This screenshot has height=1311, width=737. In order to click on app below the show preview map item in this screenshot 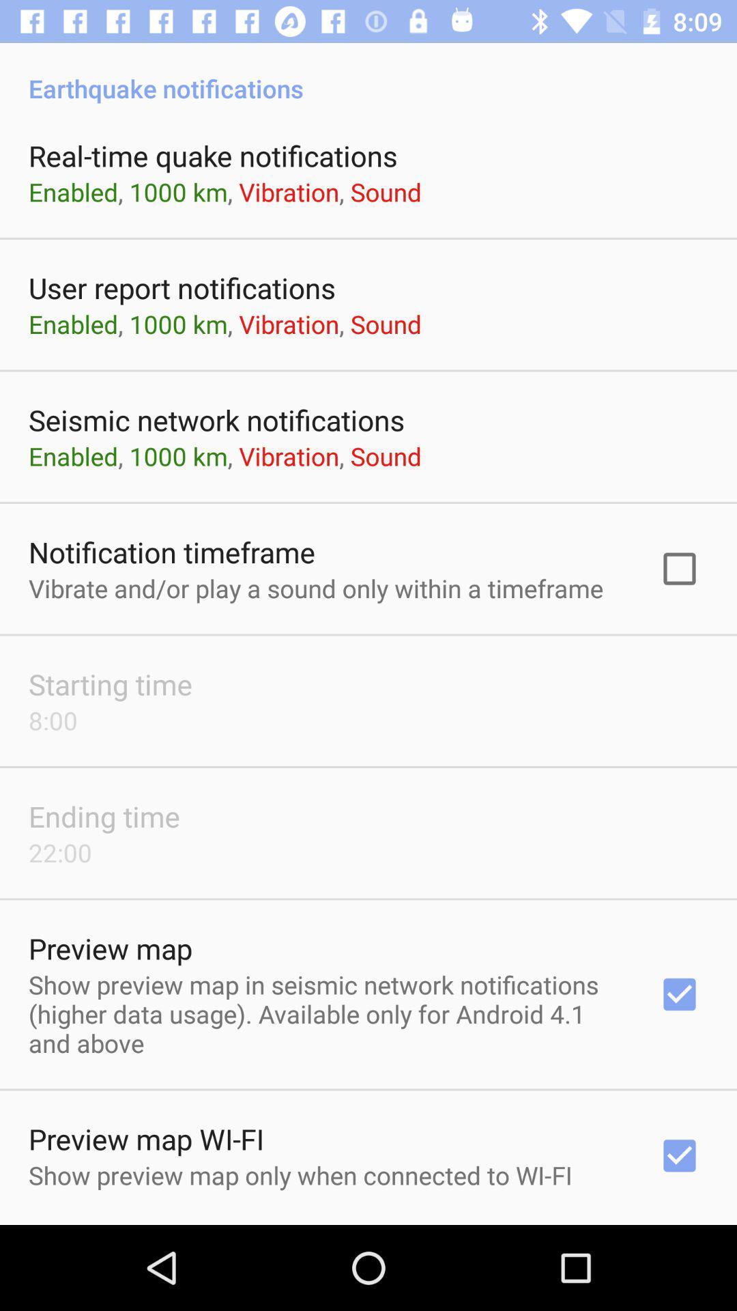, I will do `click(369, 1224)`.